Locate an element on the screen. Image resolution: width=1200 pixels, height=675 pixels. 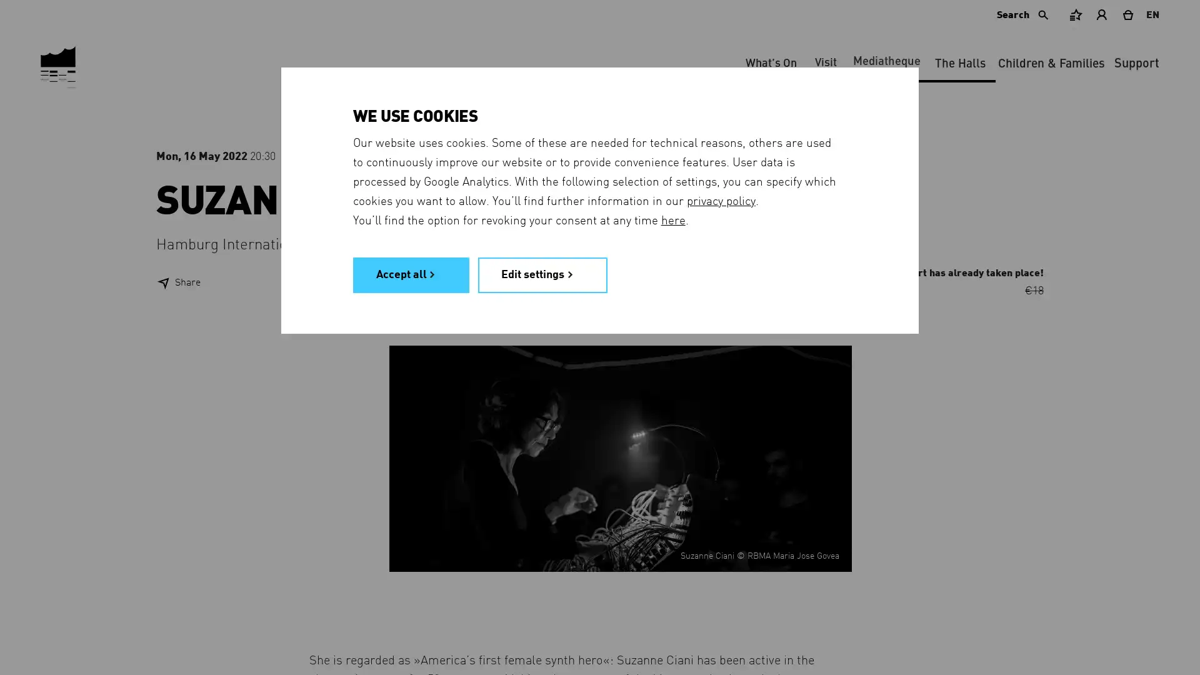
Edit settings is located at coordinates (542, 274).